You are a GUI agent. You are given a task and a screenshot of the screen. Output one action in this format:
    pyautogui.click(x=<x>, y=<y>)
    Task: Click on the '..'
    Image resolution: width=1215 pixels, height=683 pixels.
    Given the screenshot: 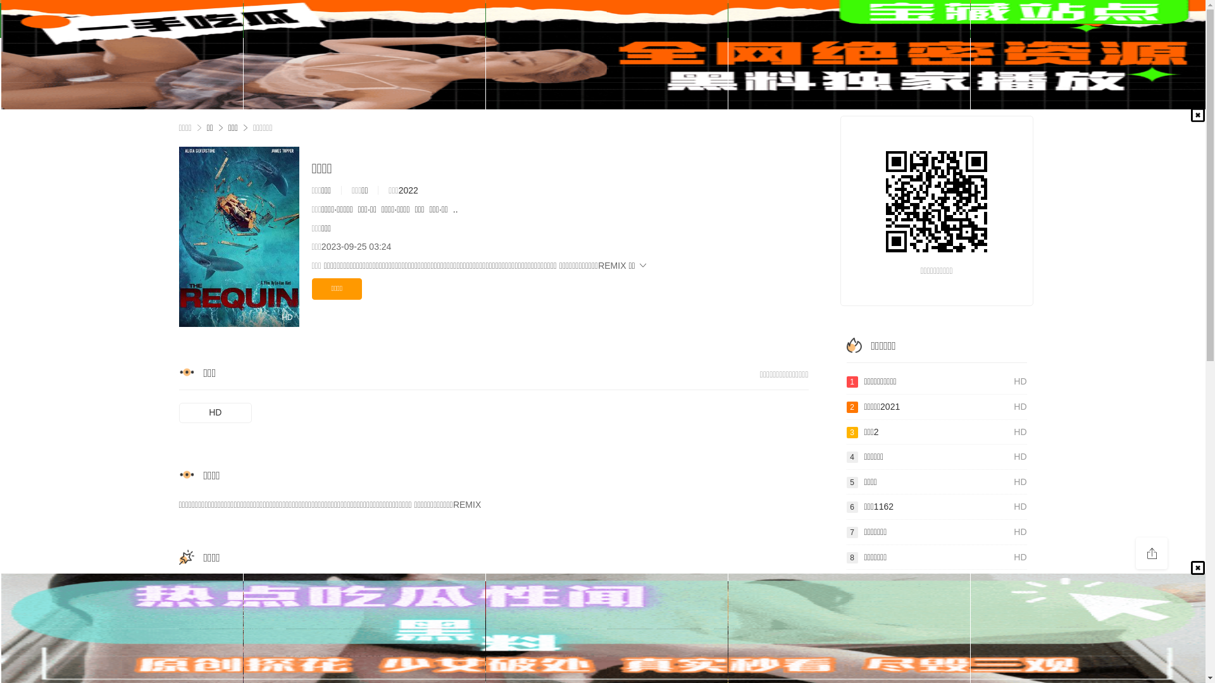 What is the action you would take?
    pyautogui.click(x=456, y=209)
    